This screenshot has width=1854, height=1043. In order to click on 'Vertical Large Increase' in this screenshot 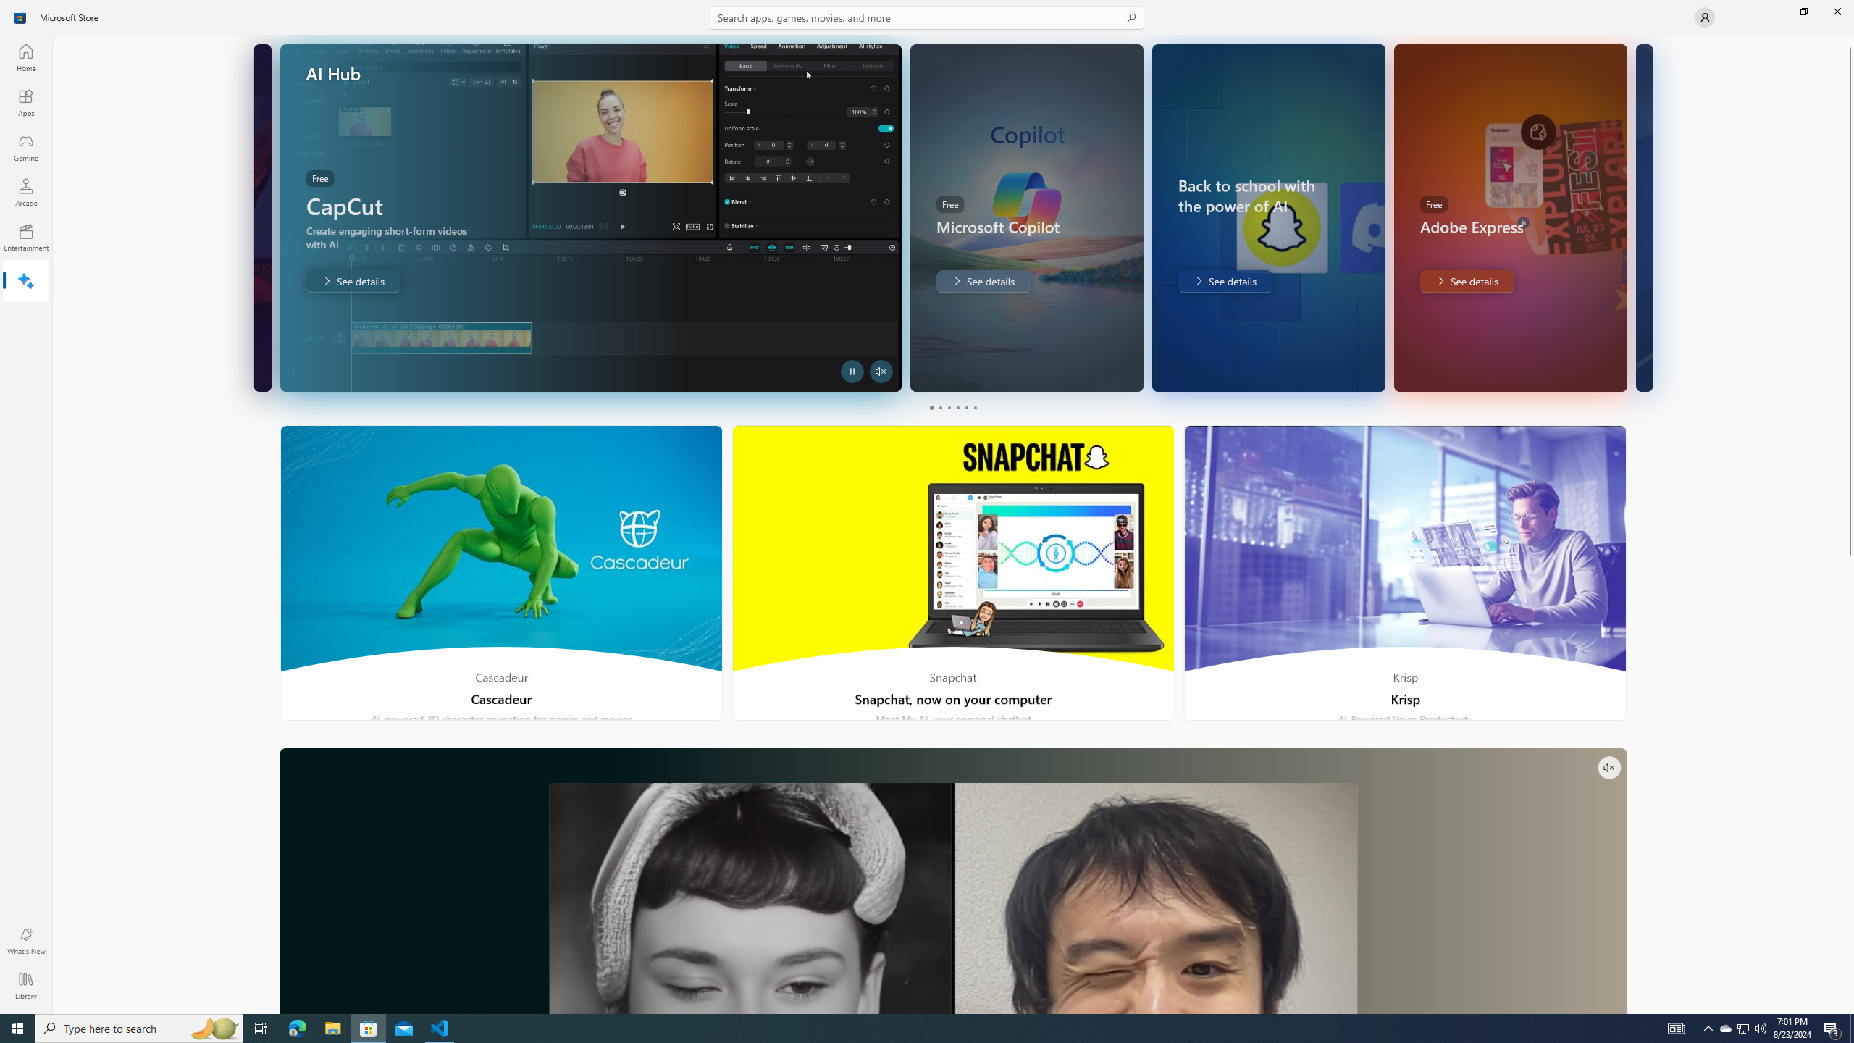, I will do `click(1848, 780)`.